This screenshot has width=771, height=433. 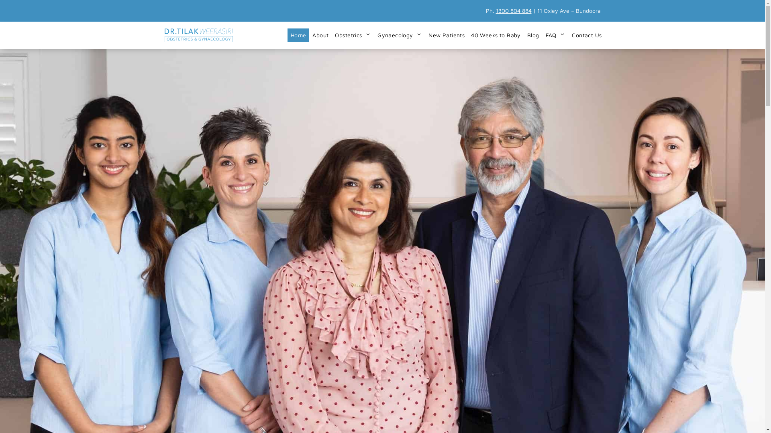 I want to click on 'FAQ', so click(x=555, y=34).